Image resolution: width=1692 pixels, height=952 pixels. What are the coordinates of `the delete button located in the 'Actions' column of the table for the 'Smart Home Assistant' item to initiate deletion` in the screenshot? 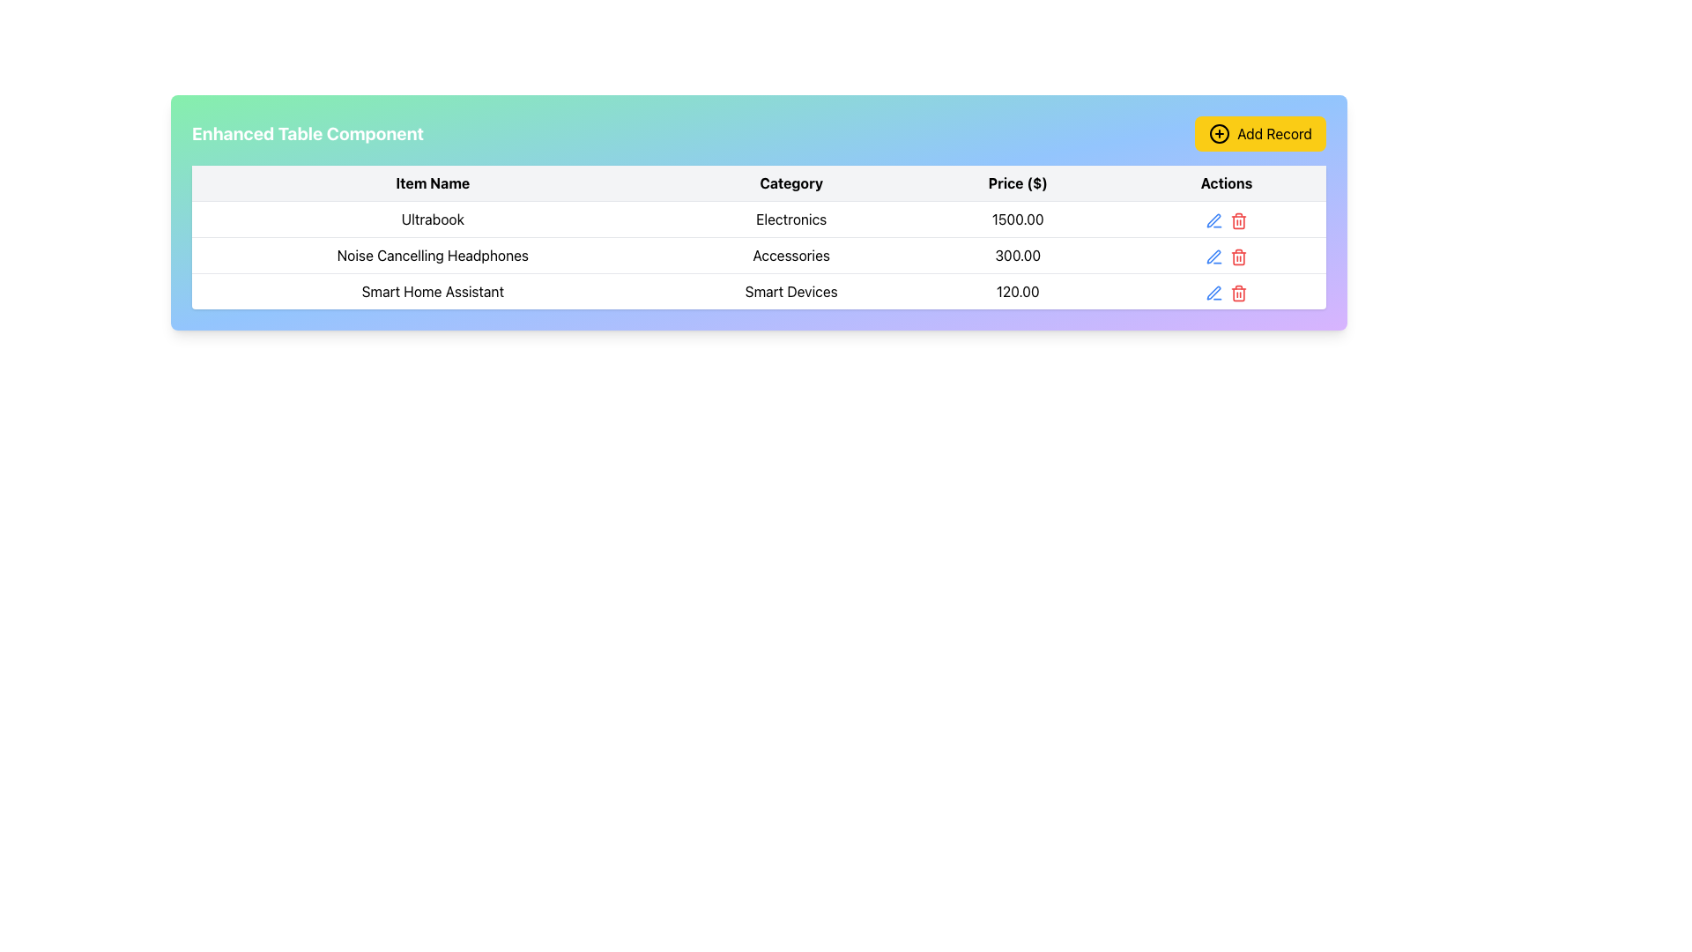 It's located at (1237, 291).